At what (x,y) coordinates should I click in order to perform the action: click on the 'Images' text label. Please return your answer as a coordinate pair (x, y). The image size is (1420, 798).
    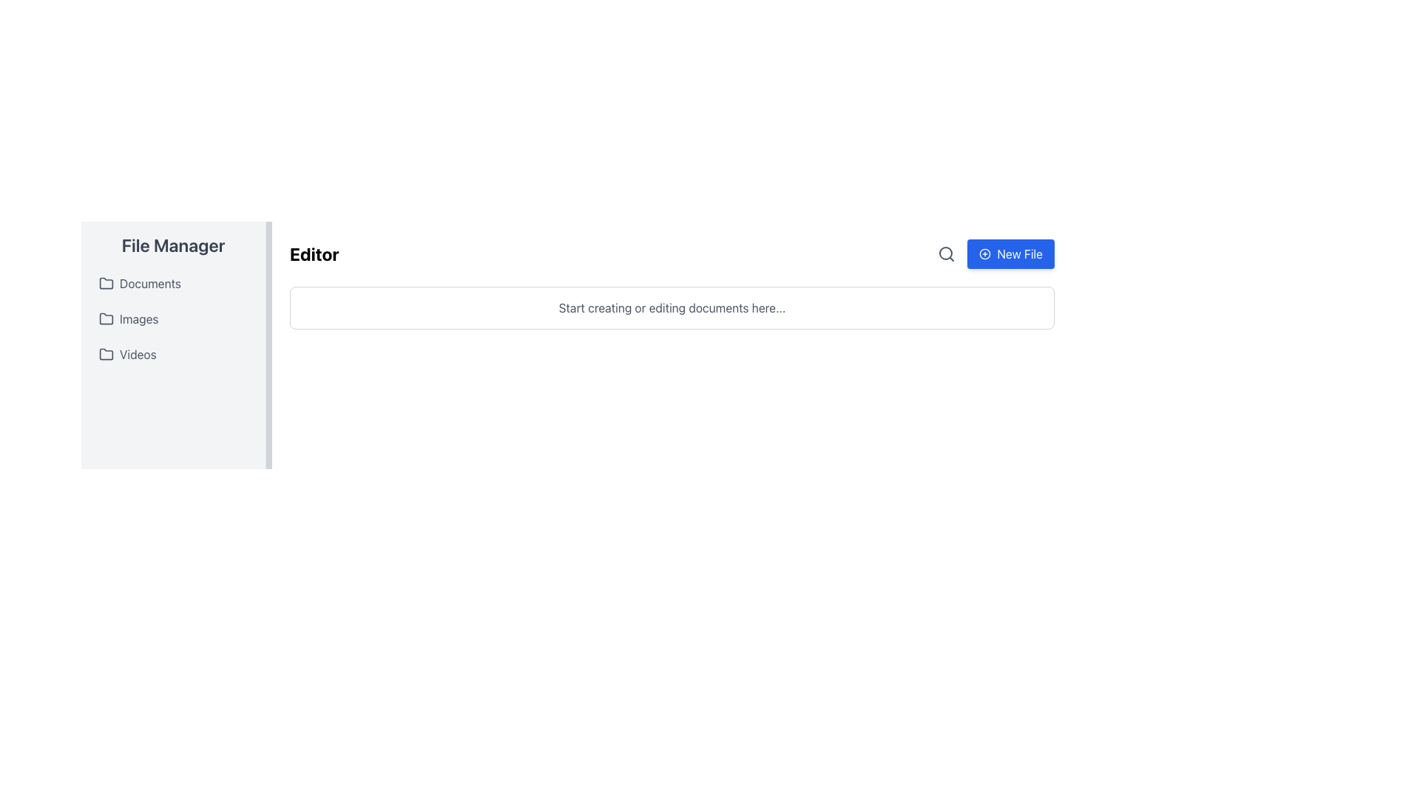
    Looking at the image, I should click on (139, 318).